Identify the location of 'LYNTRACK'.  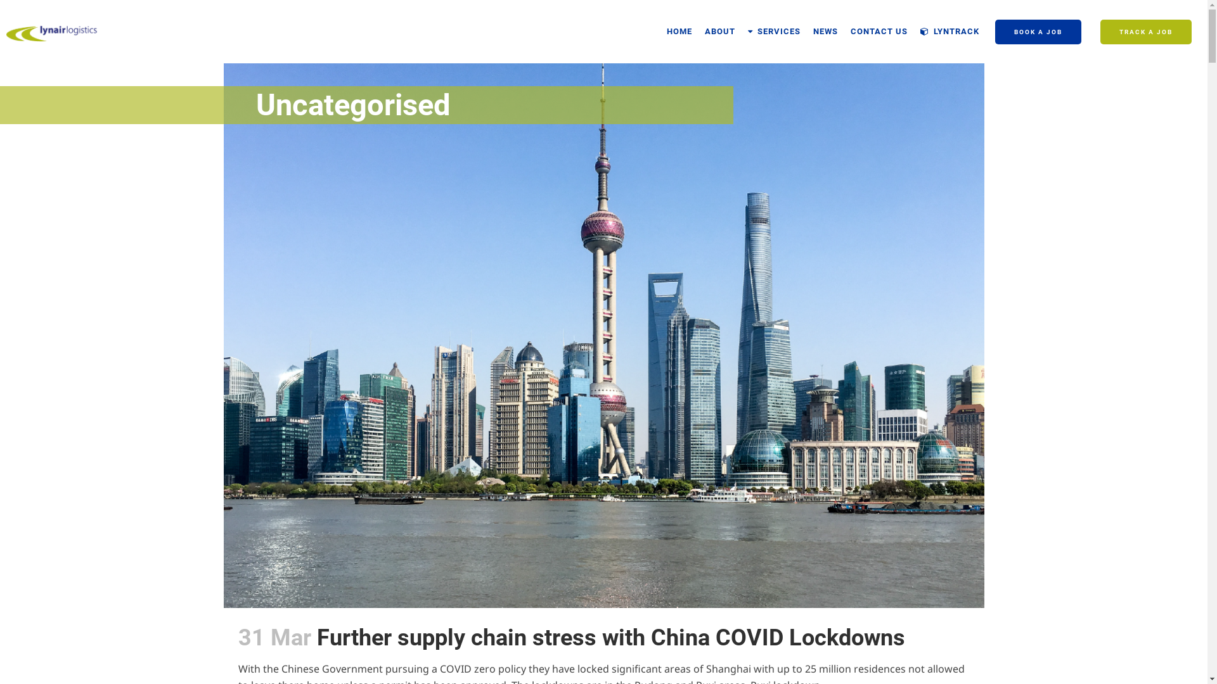
(950, 31).